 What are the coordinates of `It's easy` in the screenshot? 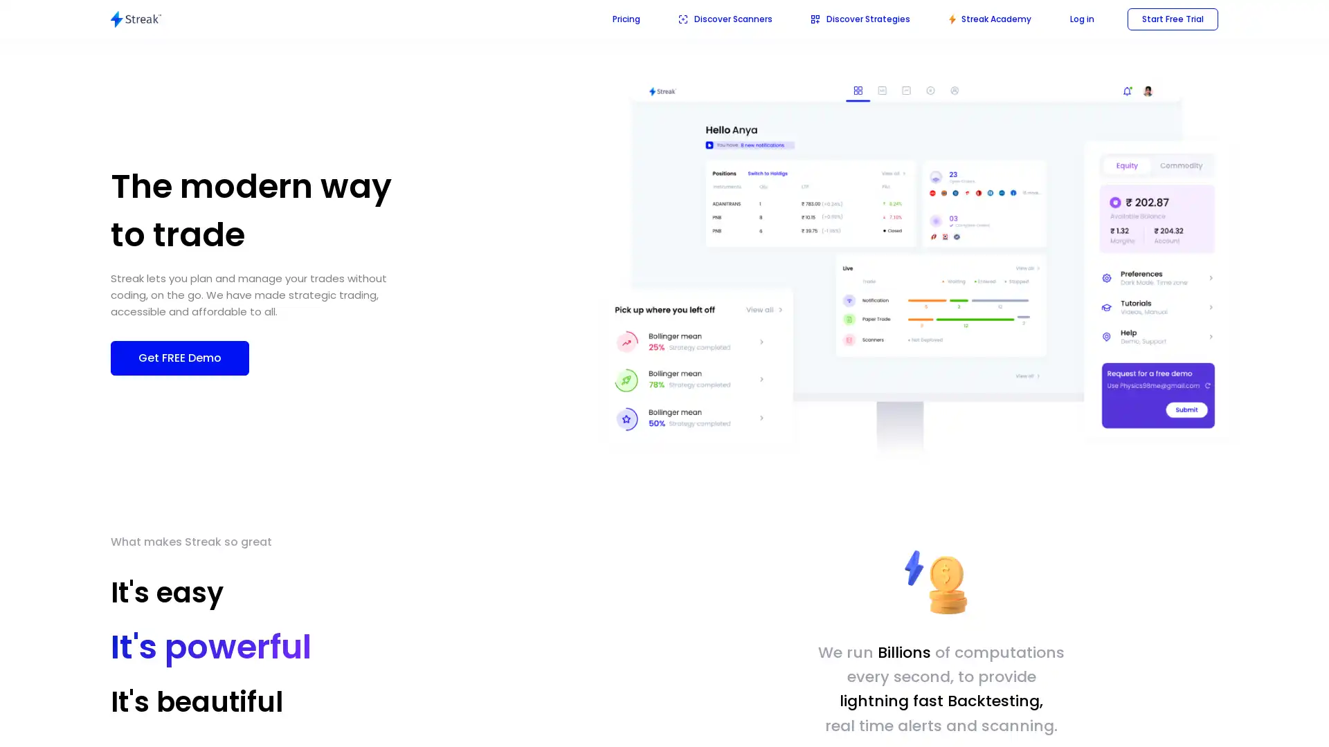 It's located at (166, 591).